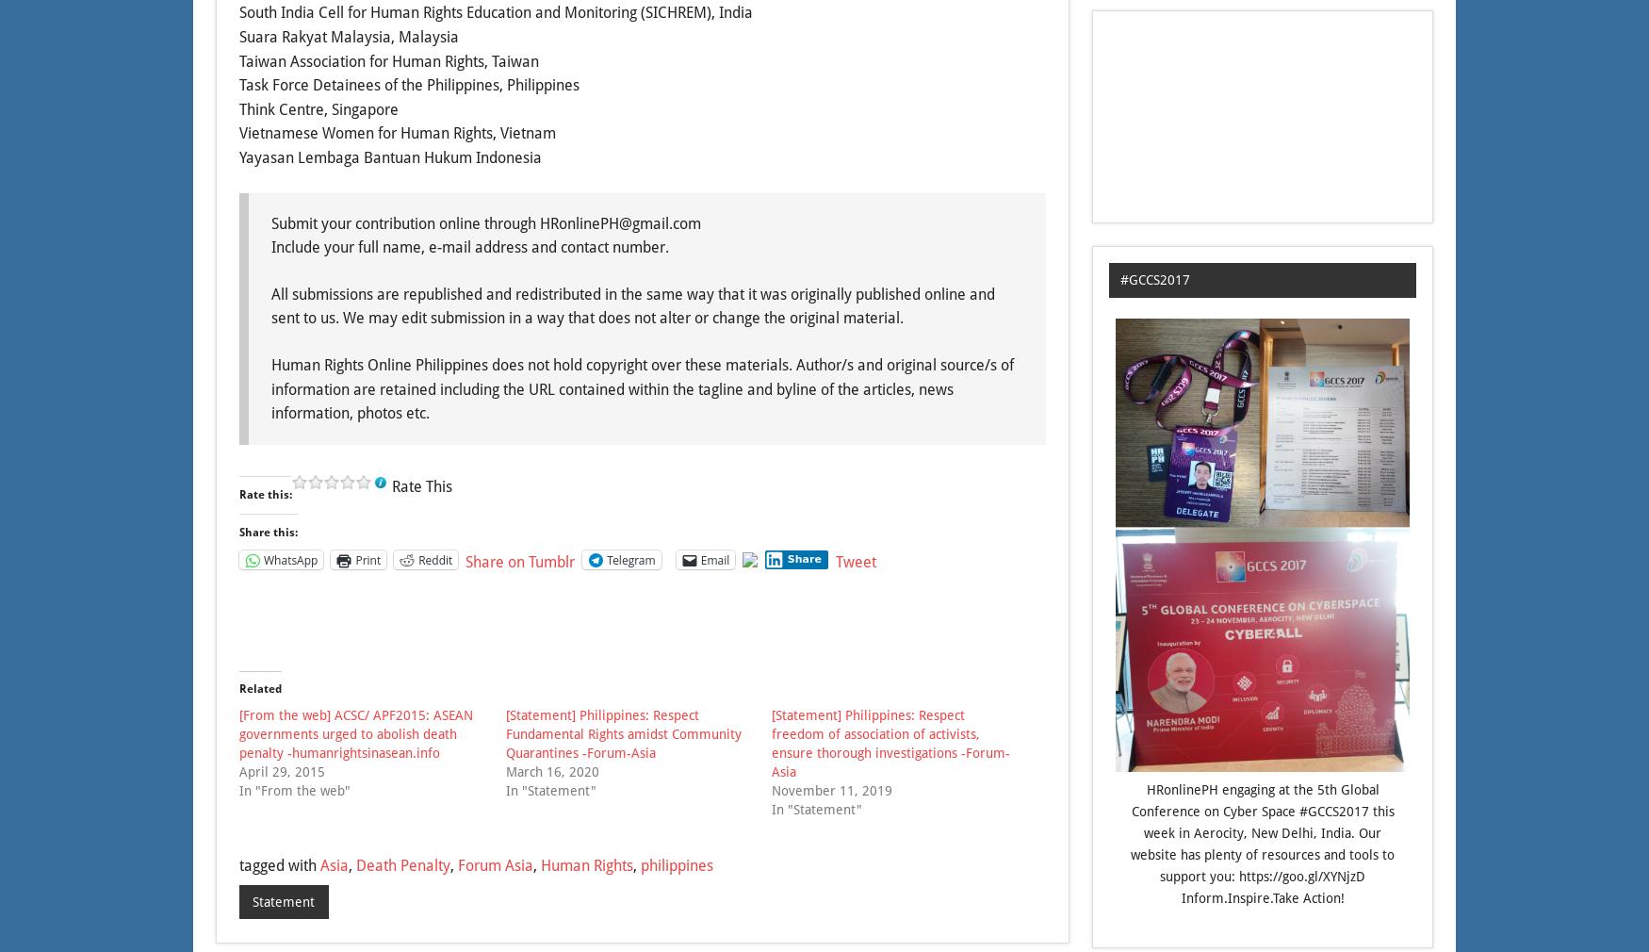 This screenshot has height=952, width=1649. I want to click on 'Submit your contribution online through HRonlinePH@', so click(451, 222).